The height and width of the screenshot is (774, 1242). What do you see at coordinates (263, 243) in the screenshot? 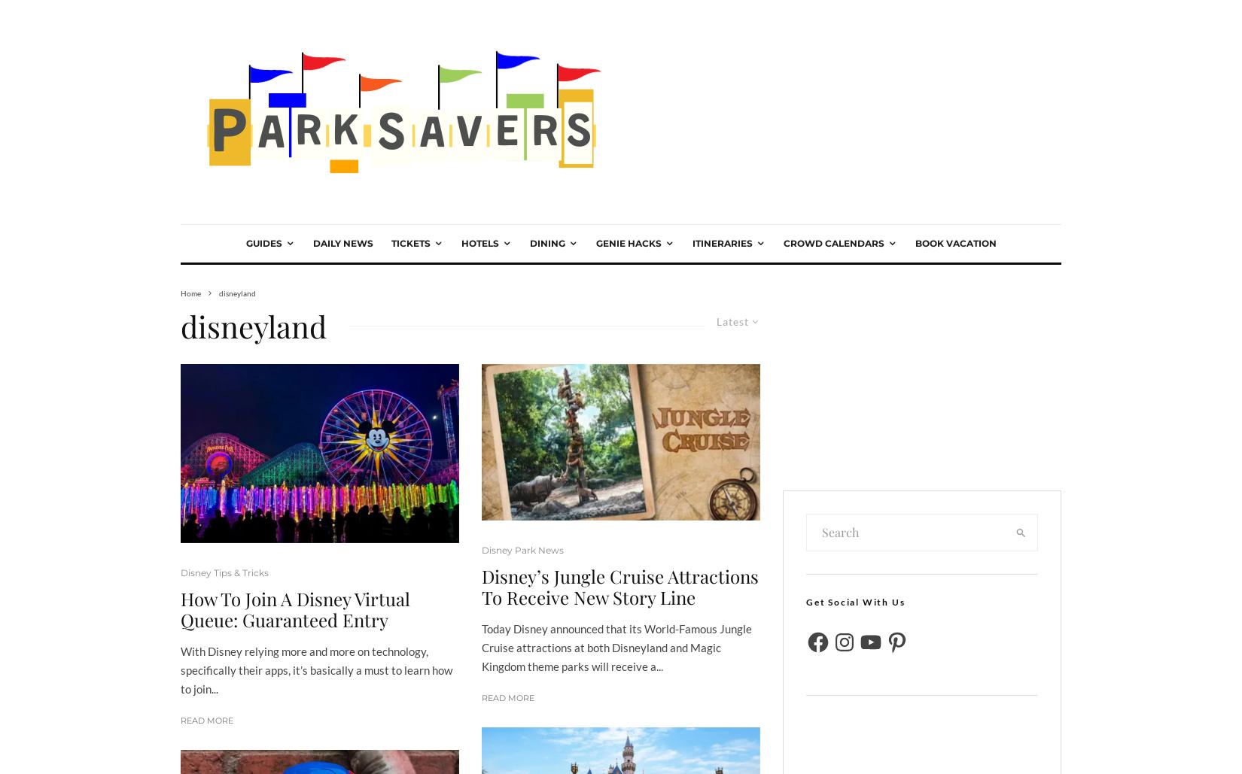
I see `'Guides'` at bounding box center [263, 243].